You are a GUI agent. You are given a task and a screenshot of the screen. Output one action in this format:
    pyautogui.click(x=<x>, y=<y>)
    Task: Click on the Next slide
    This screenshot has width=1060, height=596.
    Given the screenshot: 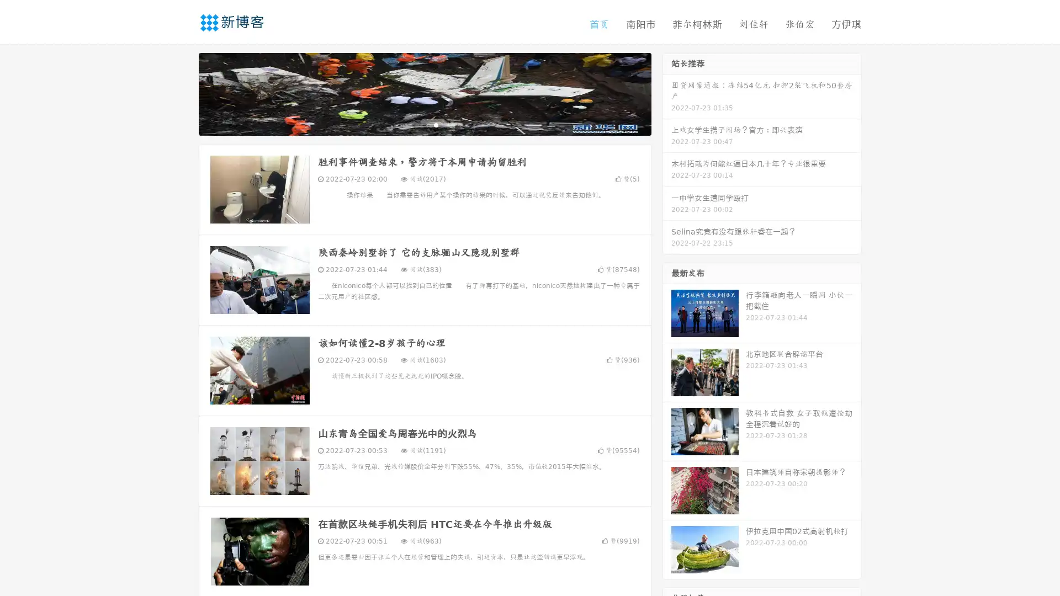 What is the action you would take?
    pyautogui.click(x=667, y=93)
    